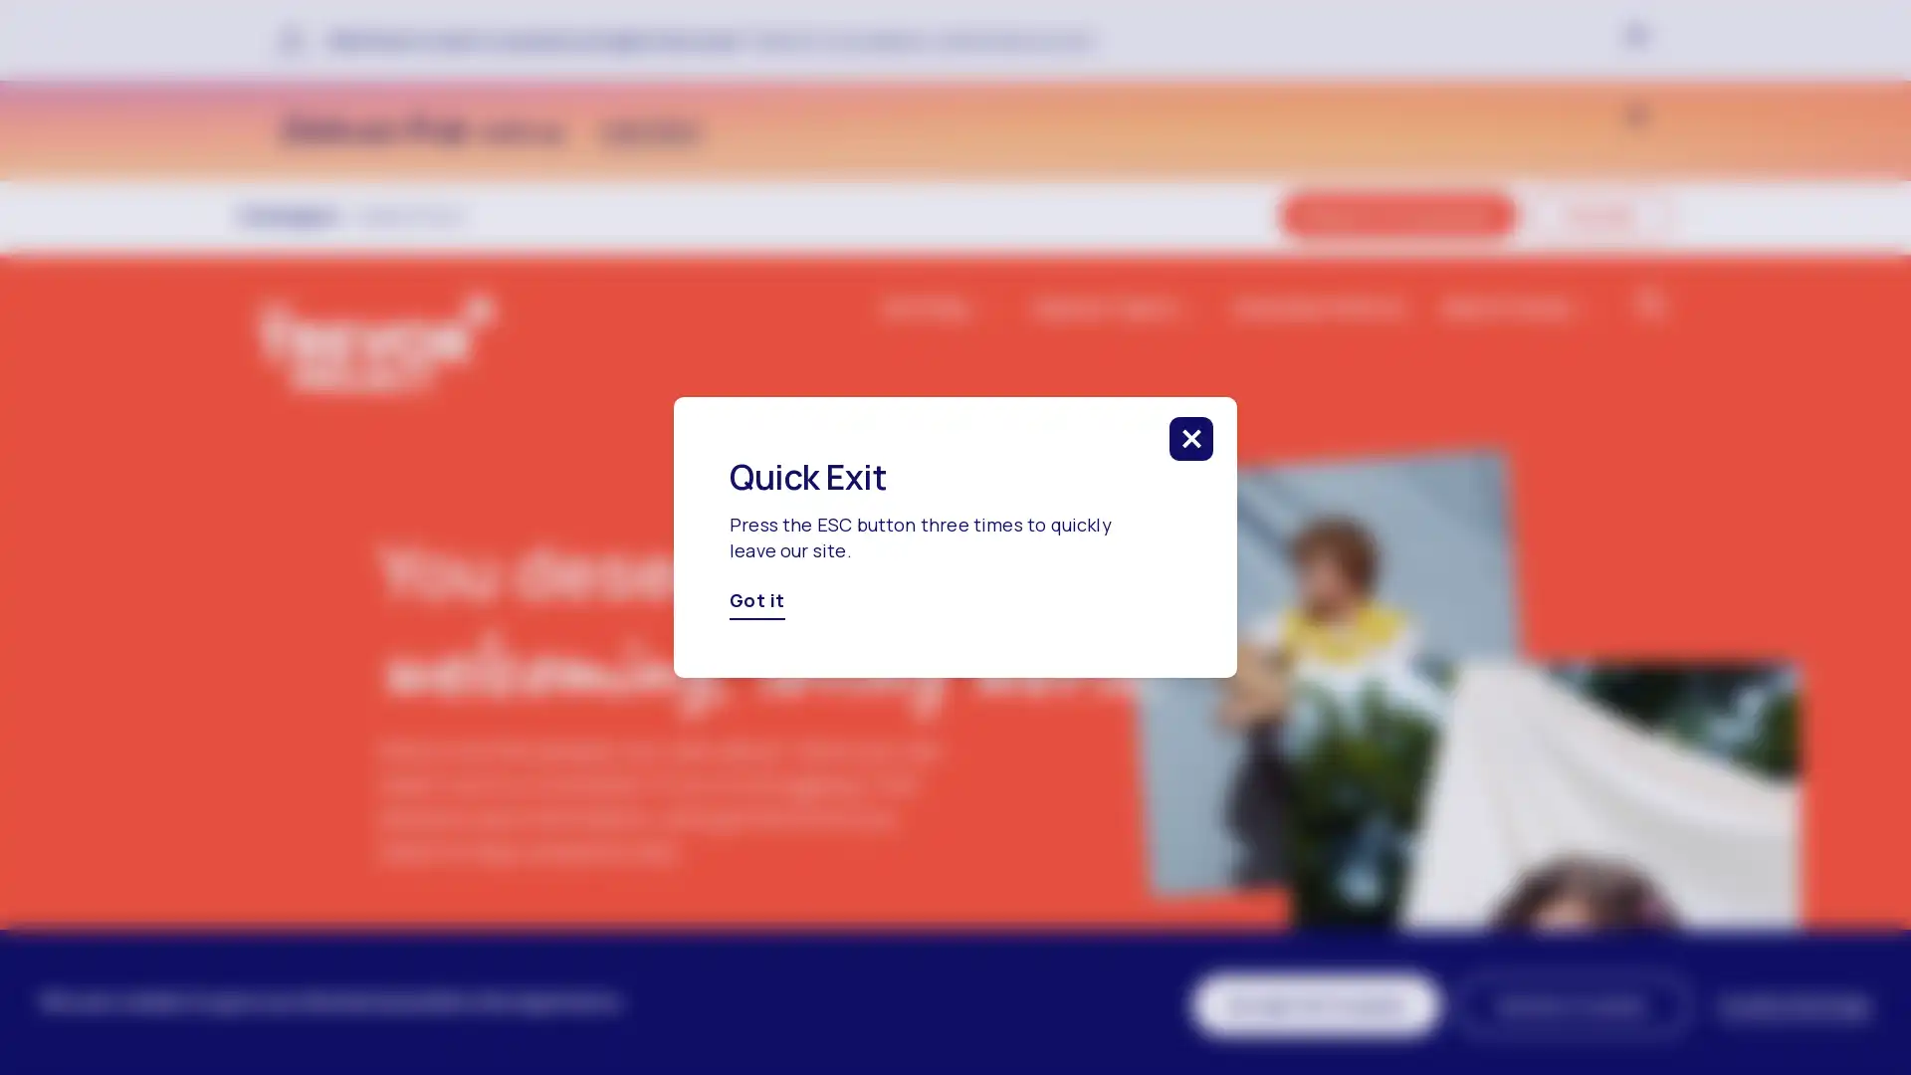  Describe the element at coordinates (1635, 35) in the screenshot. I see `click to close banner` at that location.